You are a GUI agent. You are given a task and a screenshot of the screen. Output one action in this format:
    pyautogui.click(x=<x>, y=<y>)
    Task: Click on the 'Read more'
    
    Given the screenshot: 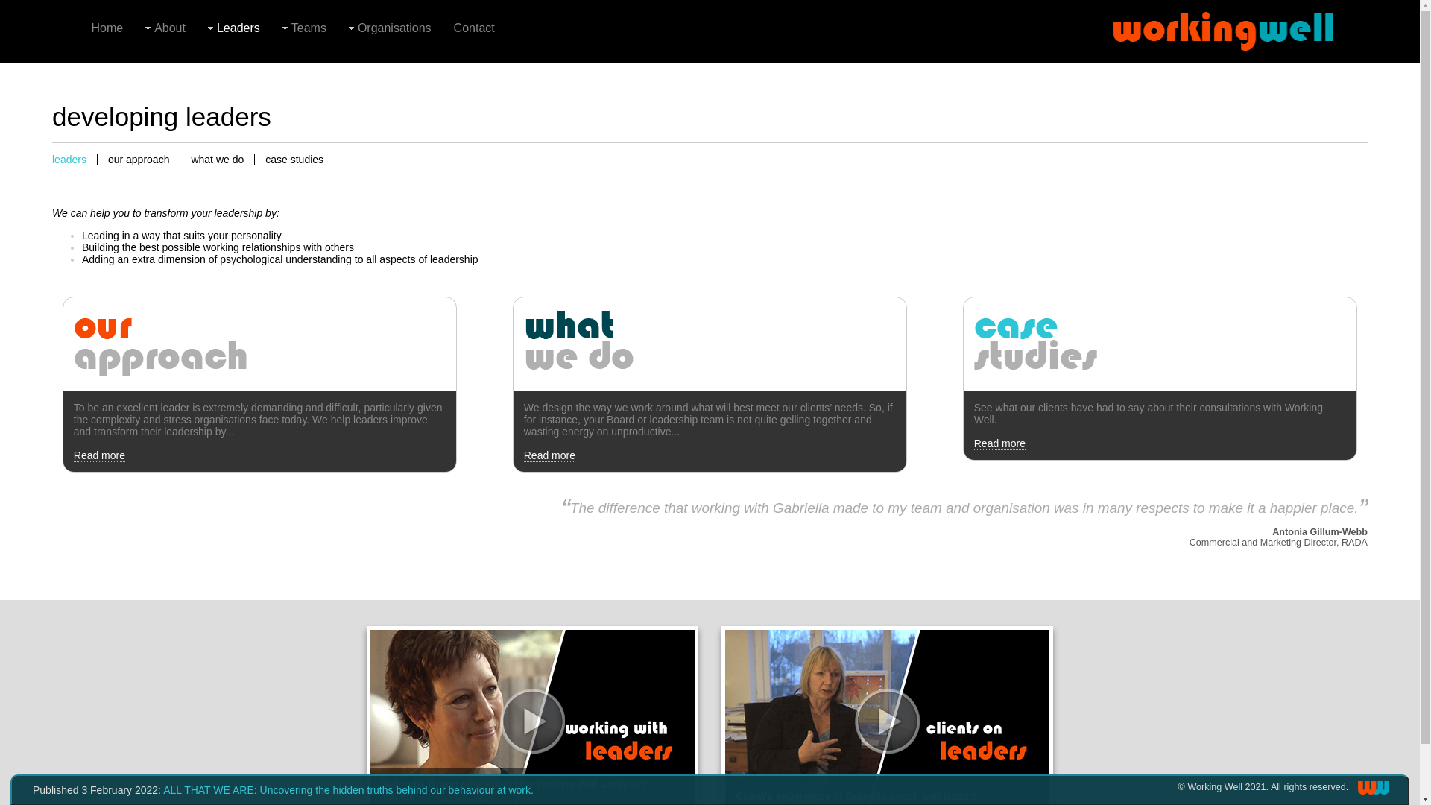 What is the action you would take?
    pyautogui.click(x=549, y=454)
    